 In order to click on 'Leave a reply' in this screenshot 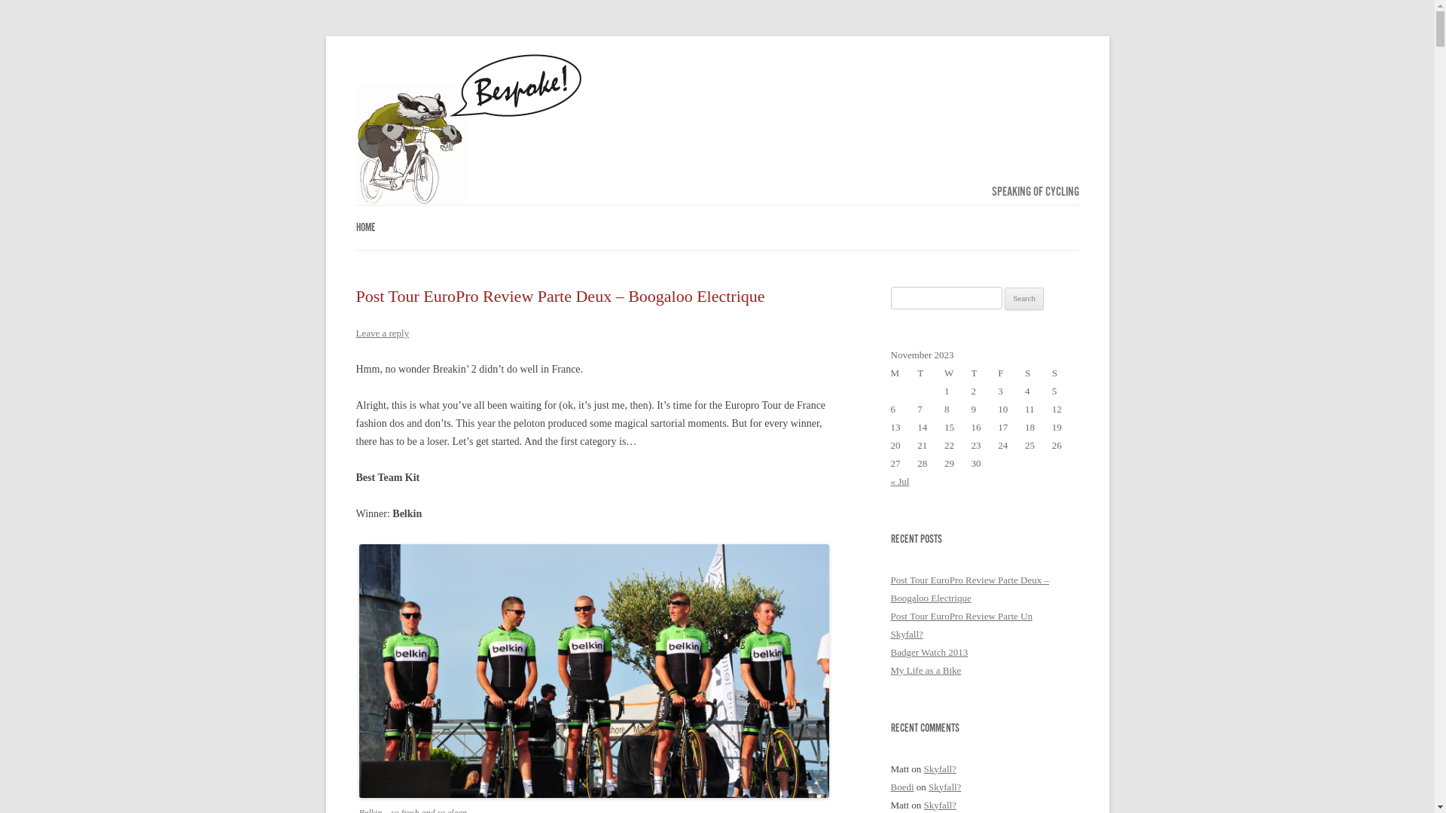, I will do `click(382, 332)`.